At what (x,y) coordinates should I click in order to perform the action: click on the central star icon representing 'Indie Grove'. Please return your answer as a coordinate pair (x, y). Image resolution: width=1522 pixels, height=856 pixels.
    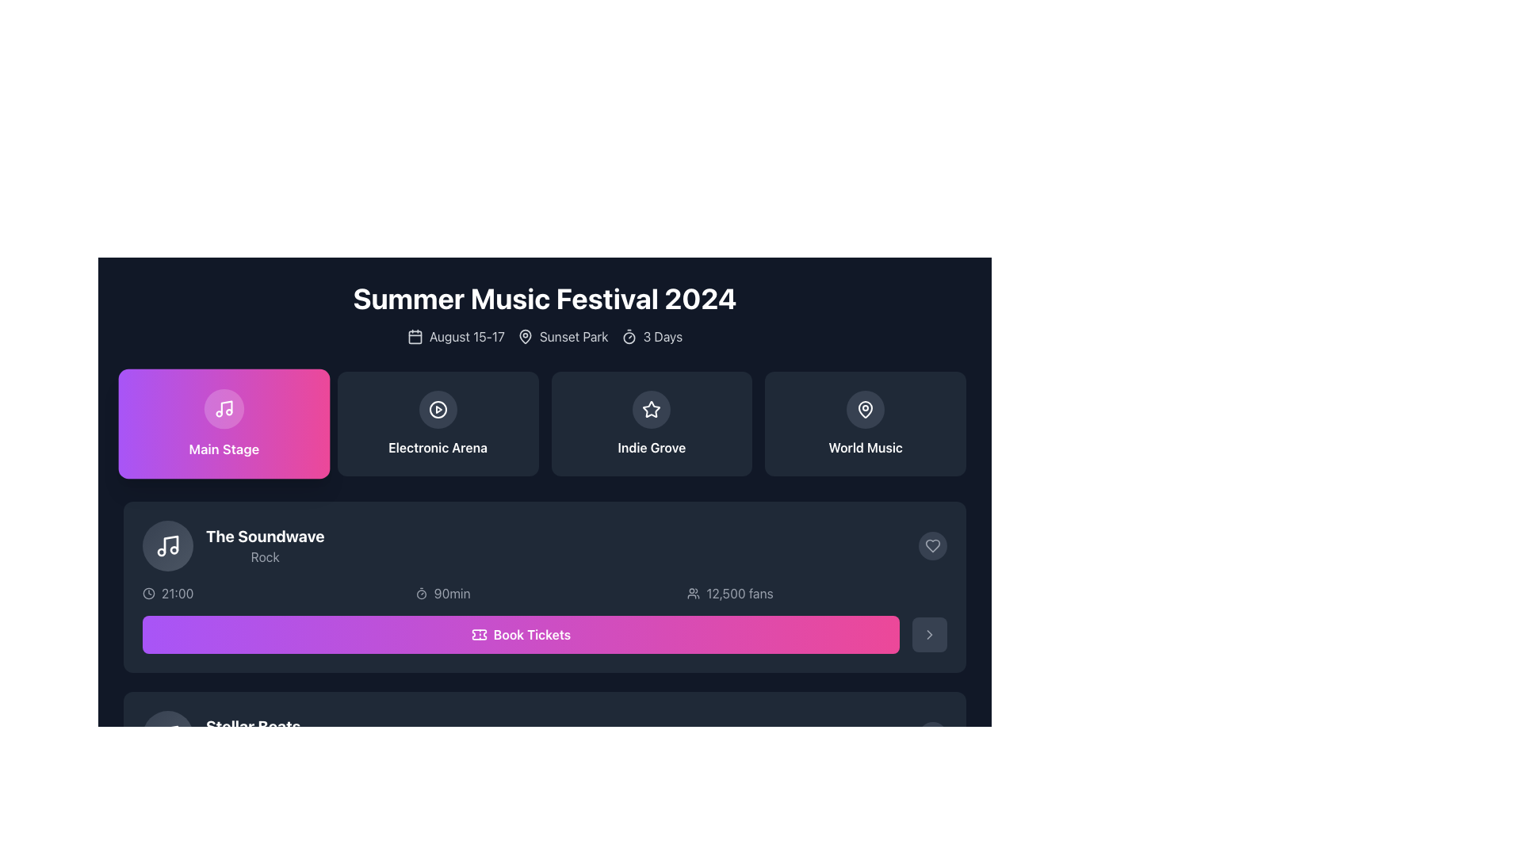
    Looking at the image, I should click on (651, 408).